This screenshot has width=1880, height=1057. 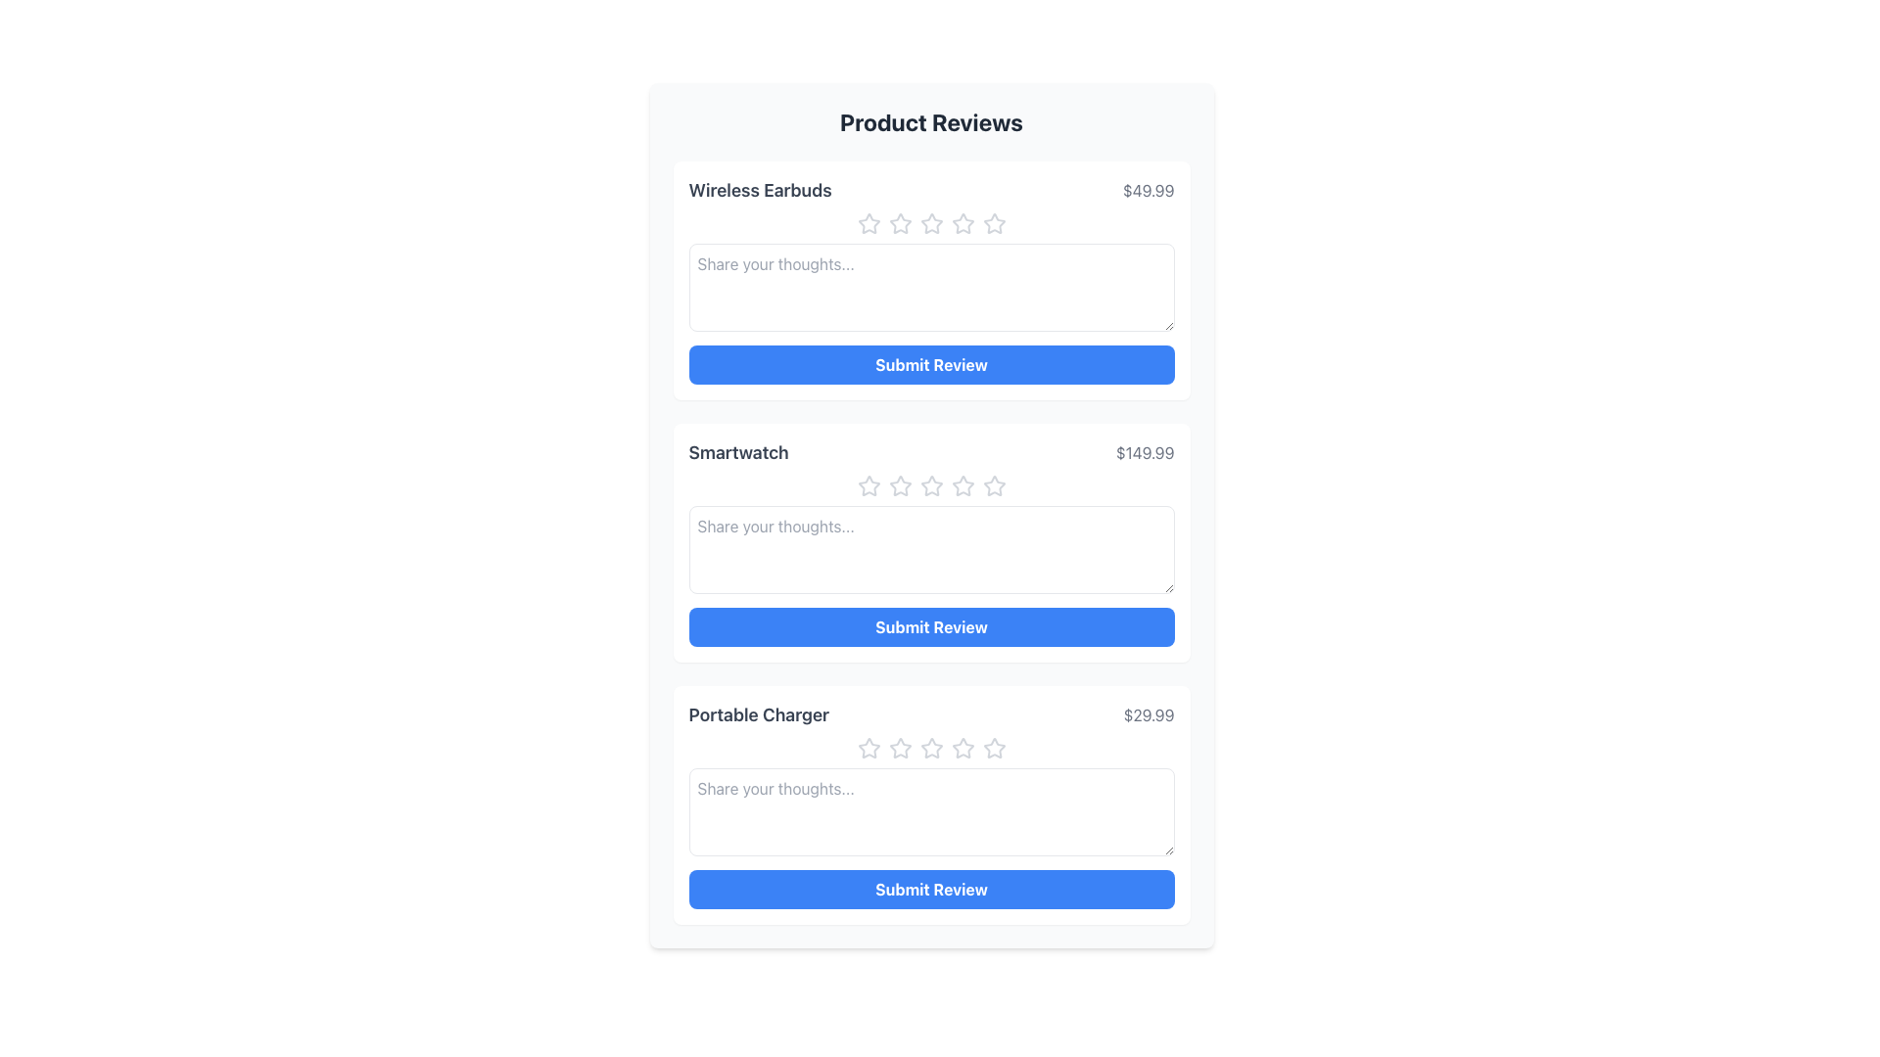 I want to click on the vibrant blue 'Submit Review' button with white bold text located at the bottom of the product reviews panel, so click(x=930, y=890).